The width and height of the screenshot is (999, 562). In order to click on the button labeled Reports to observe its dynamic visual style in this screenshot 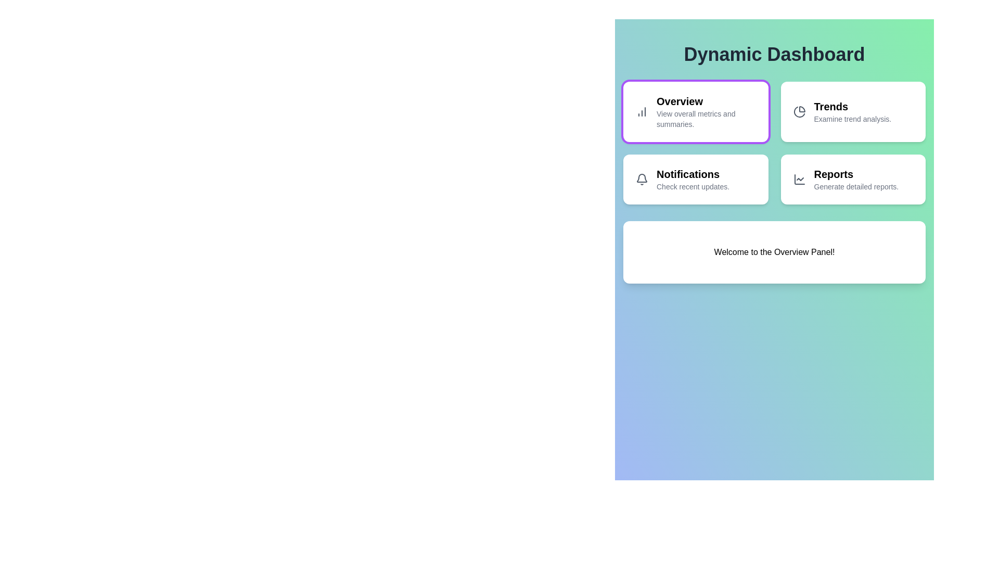, I will do `click(853, 178)`.